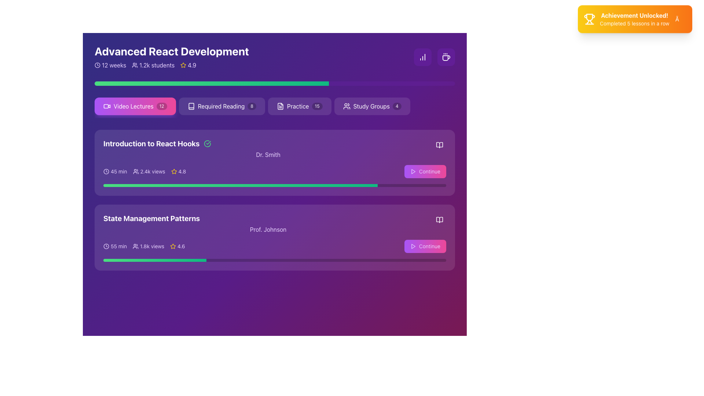 This screenshot has height=396, width=704. Describe the element at coordinates (429, 246) in the screenshot. I see `the text label within the button component located at the bottom right of the 'State Management Patterns' section` at that location.